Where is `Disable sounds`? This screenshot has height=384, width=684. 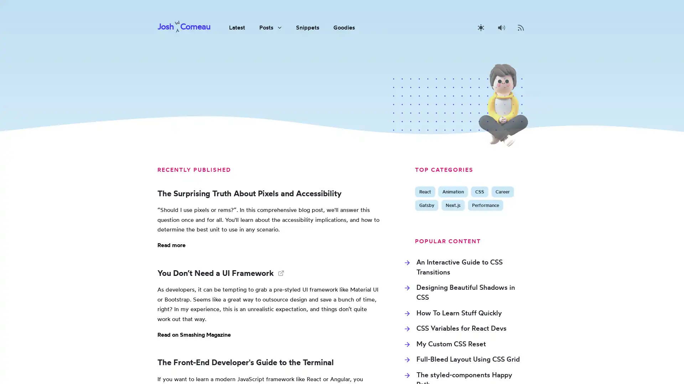 Disable sounds is located at coordinates (501, 27).